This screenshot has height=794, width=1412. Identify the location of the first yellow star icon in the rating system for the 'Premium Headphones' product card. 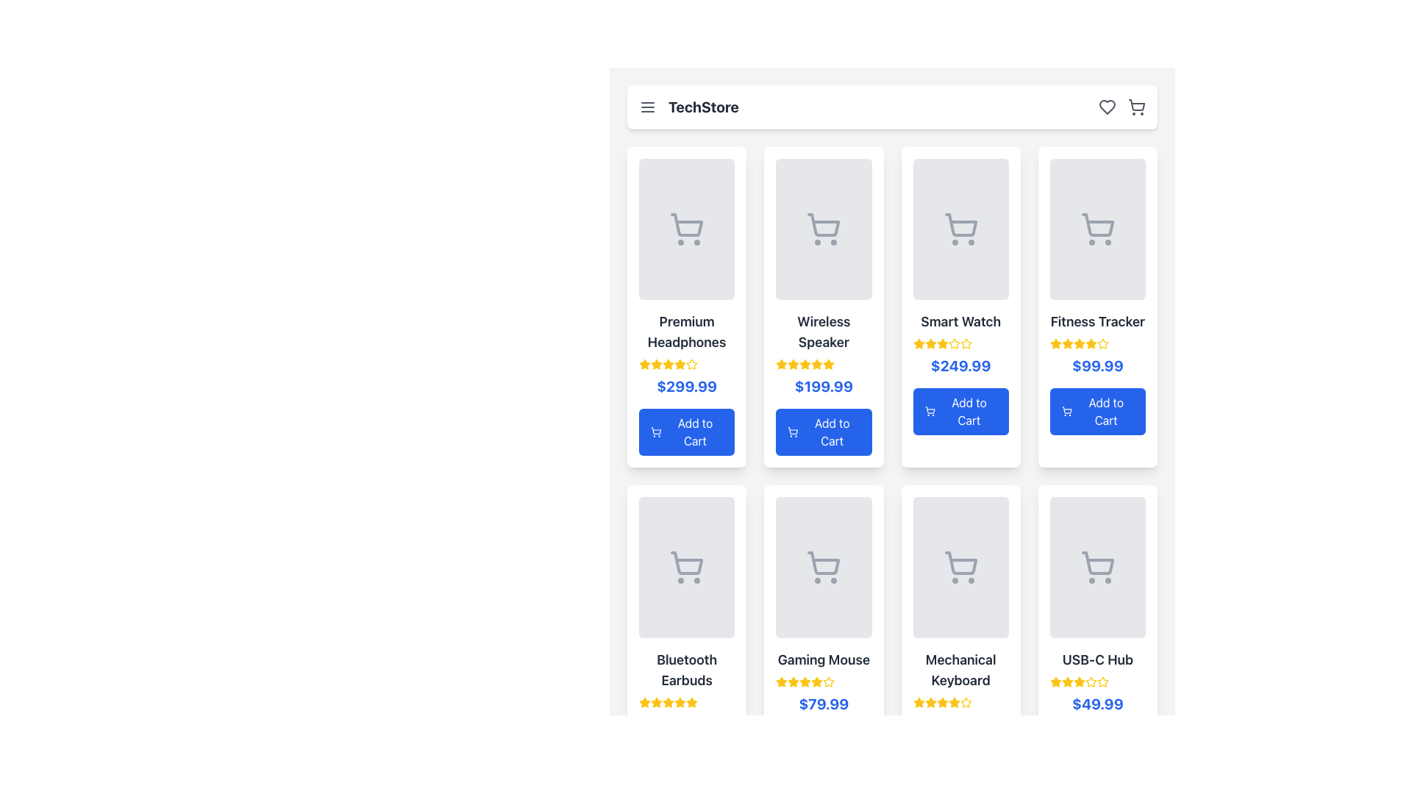
(645, 364).